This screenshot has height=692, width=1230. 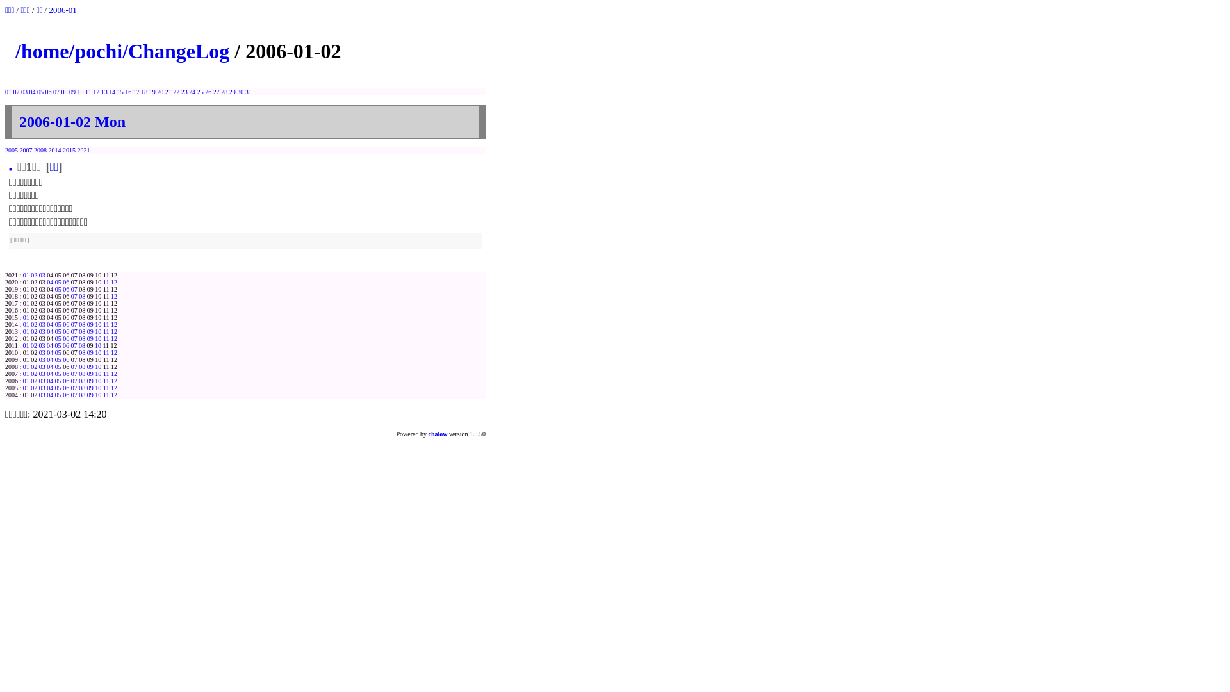 What do you see at coordinates (58, 387) in the screenshot?
I see `'05'` at bounding box center [58, 387].